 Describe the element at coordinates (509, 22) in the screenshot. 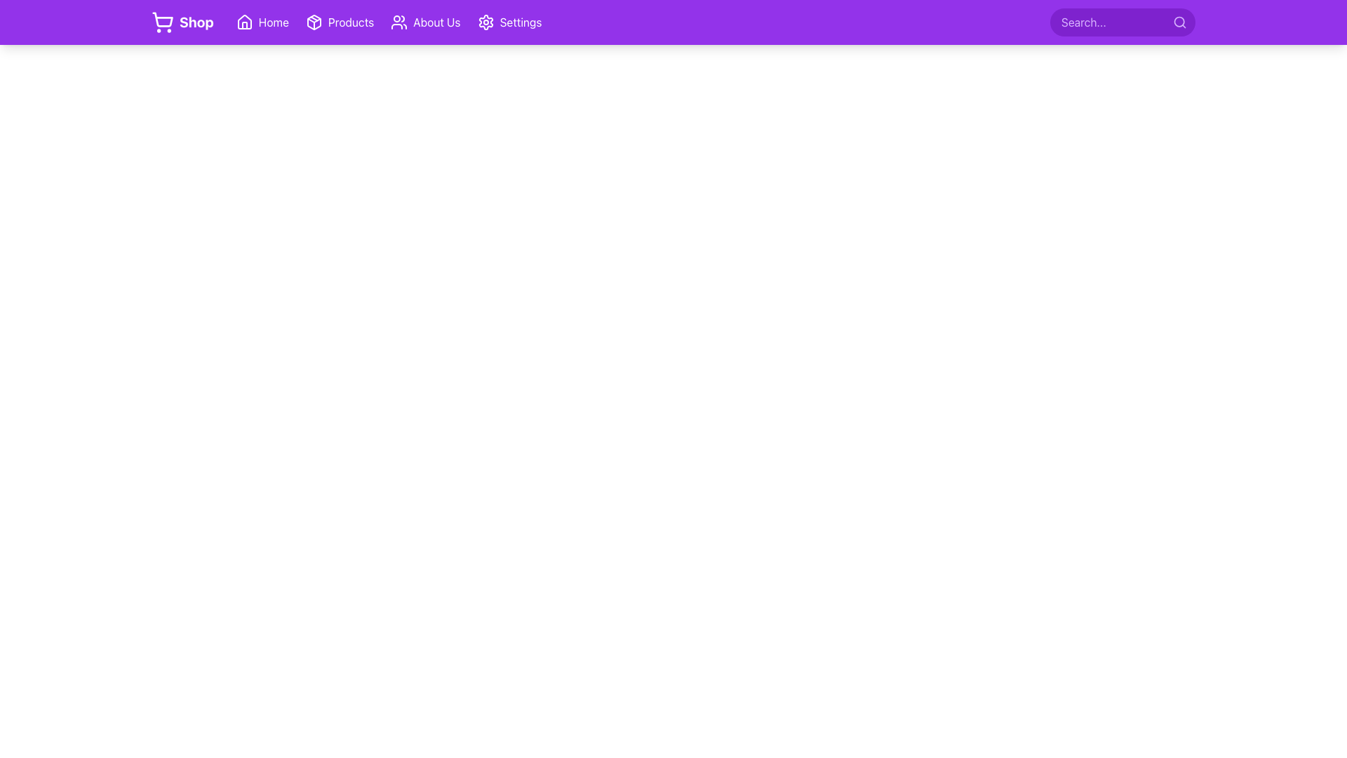

I see `the 'Settings' button with a gear icon on the left, located in the horizontal navigation bar` at that location.